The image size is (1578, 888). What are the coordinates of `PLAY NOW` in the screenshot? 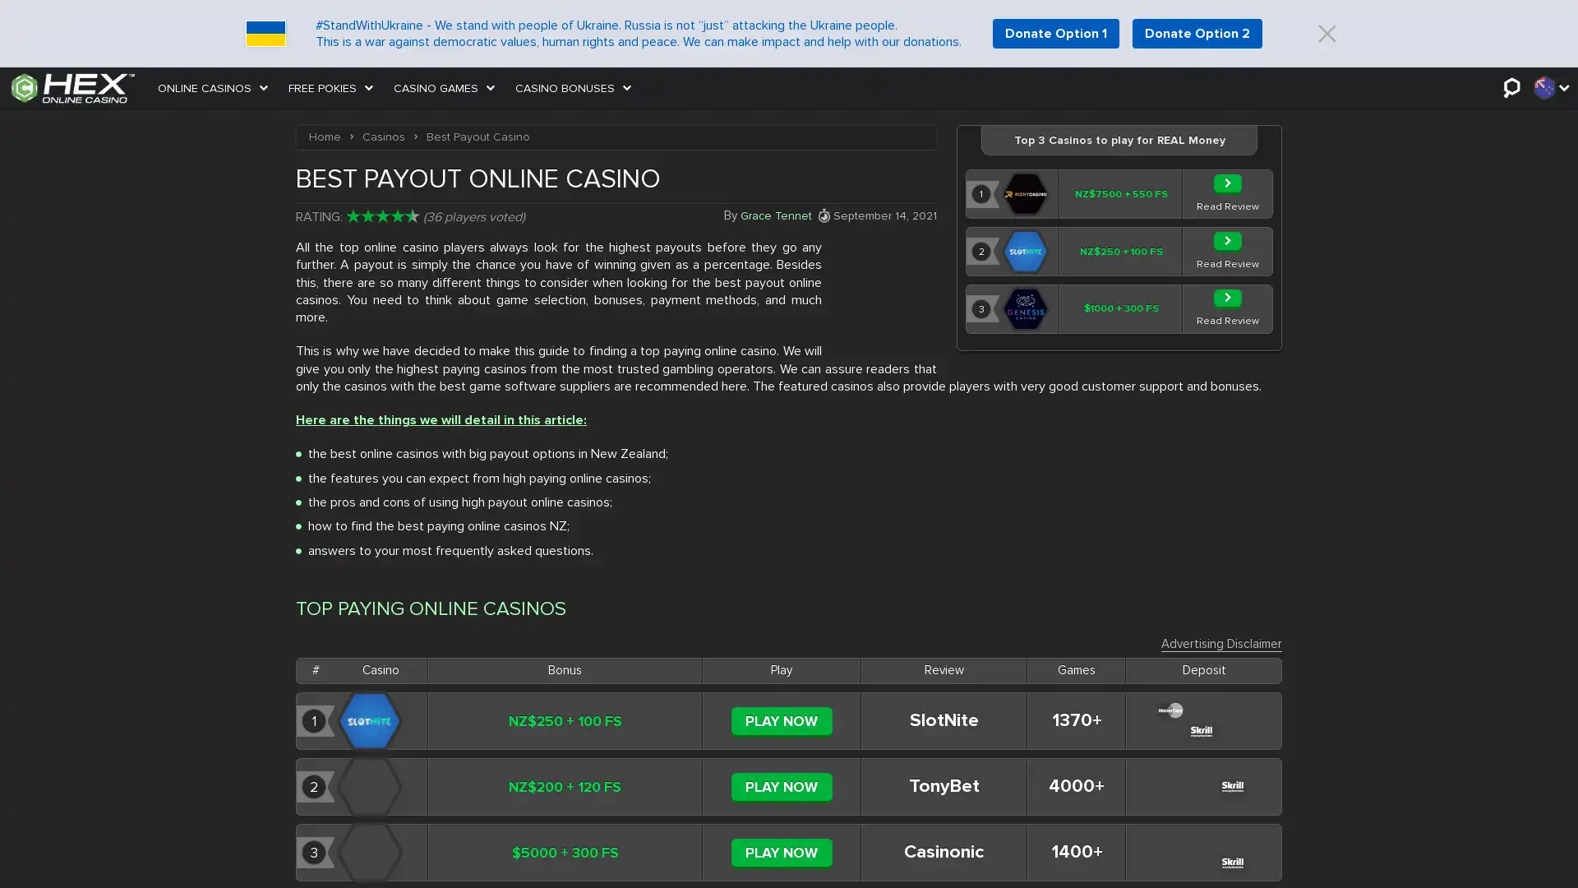 It's located at (780, 785).